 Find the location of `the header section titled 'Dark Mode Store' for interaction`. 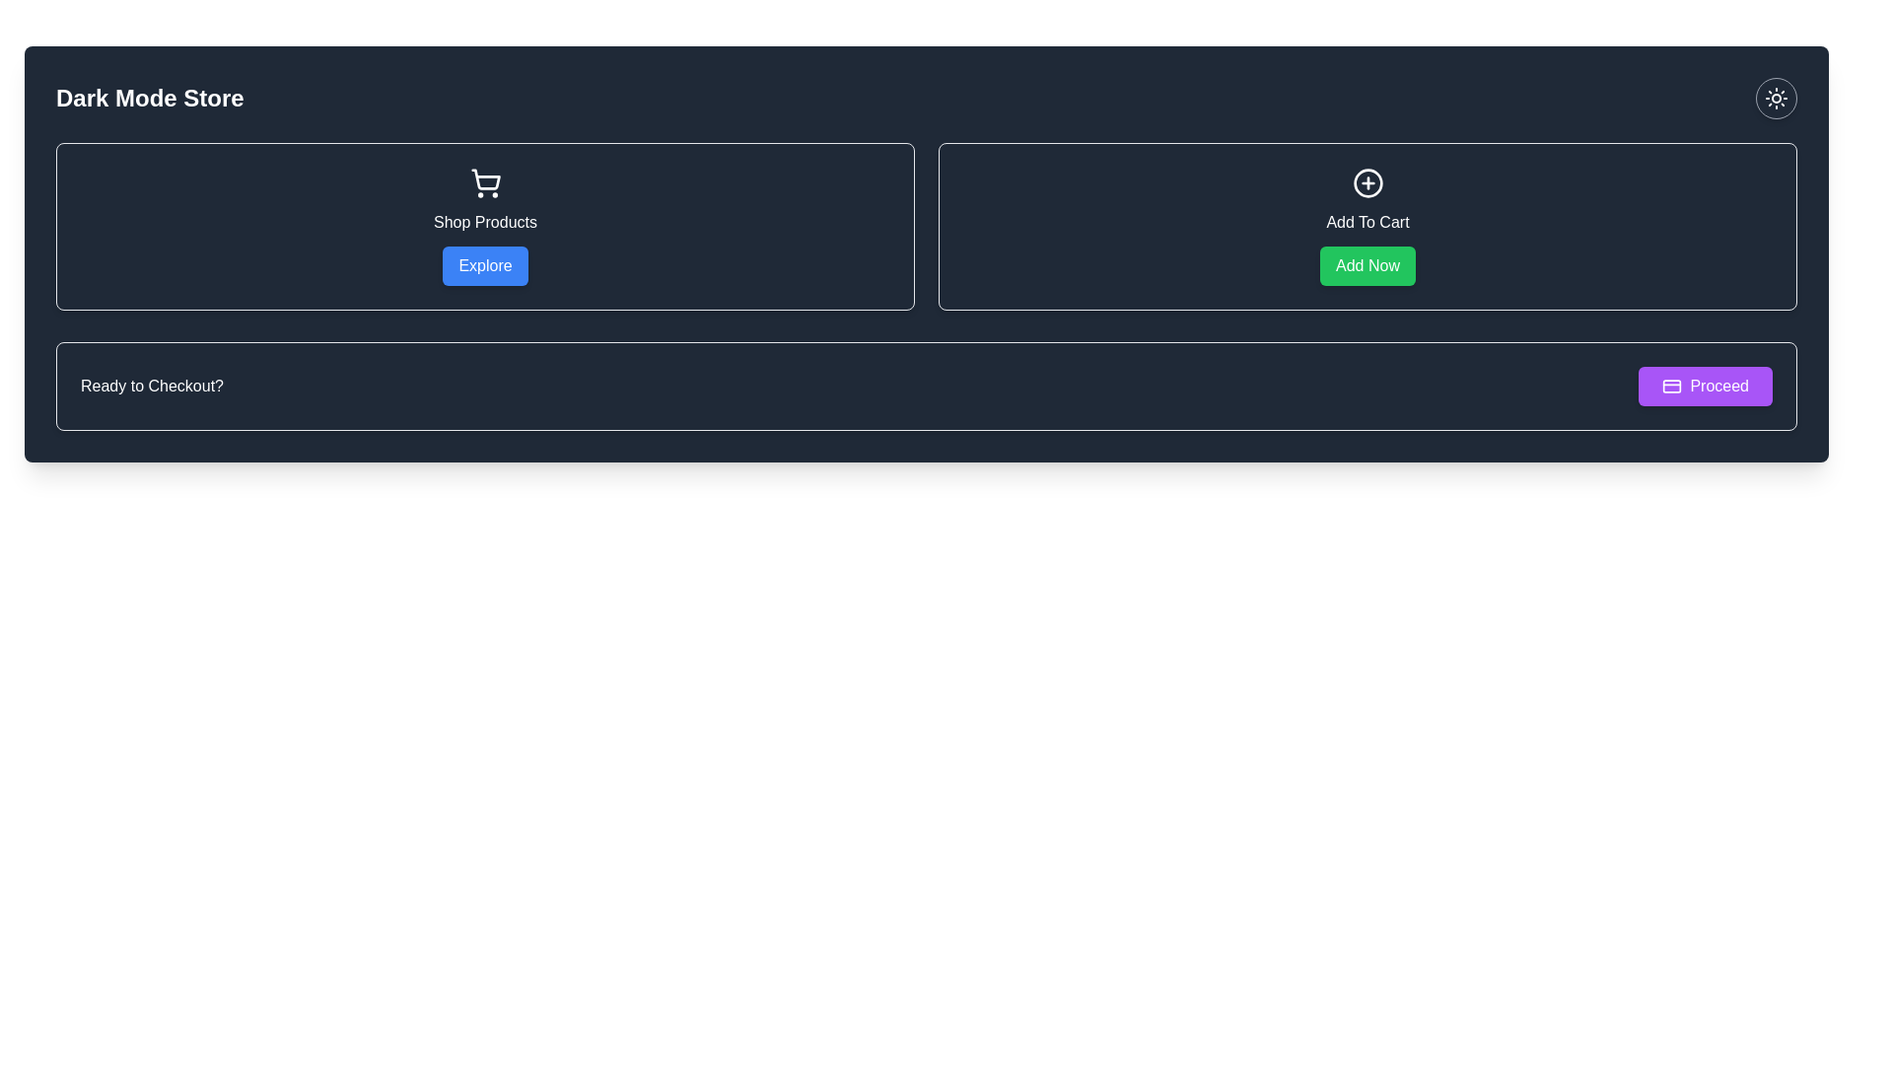

the header section titled 'Dark Mode Store' for interaction is located at coordinates (926, 99).